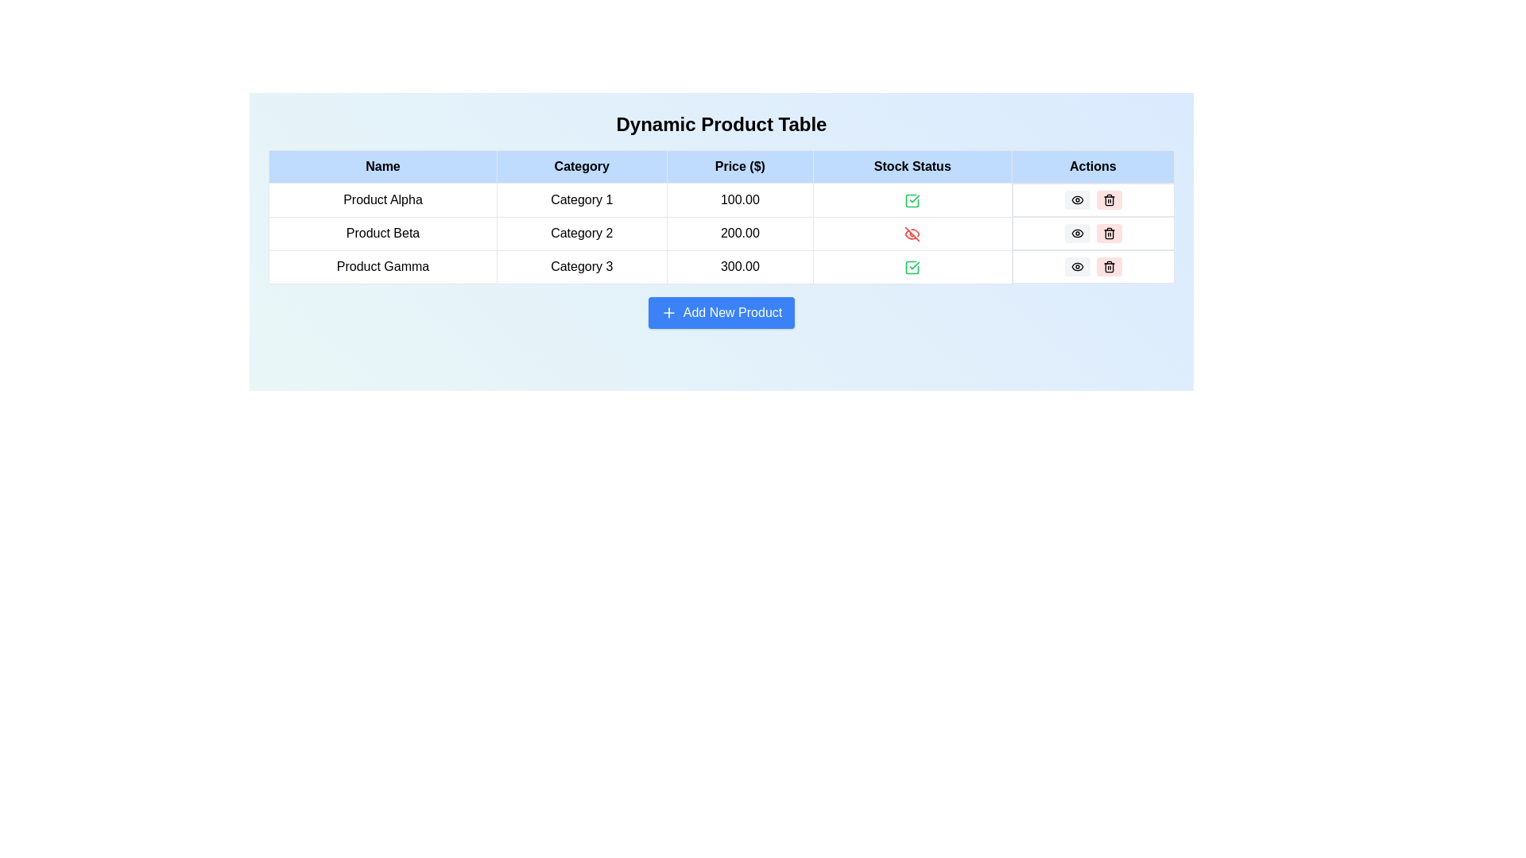 The height and width of the screenshot is (858, 1526). I want to click on the trash button, which is the right button of the compound element consisting of two buttons for the 'Actions' column in the second row of the table for 'Product Beta', so click(1092, 233).